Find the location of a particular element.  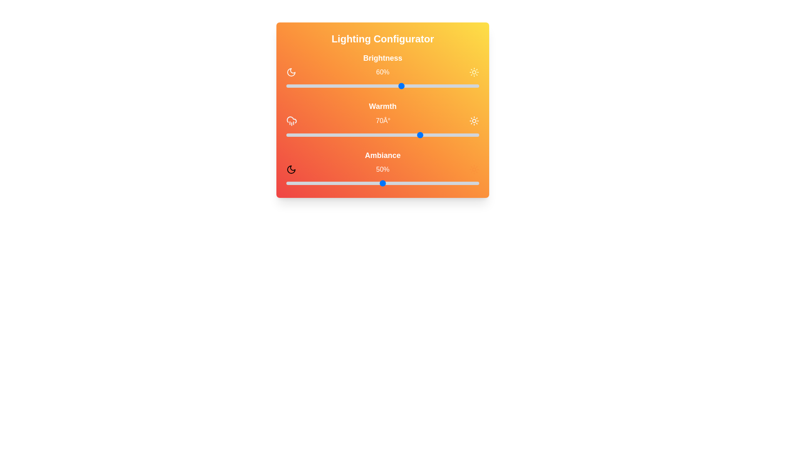

the brightness slider to 2% by dragging the slider is located at coordinates (290, 86).